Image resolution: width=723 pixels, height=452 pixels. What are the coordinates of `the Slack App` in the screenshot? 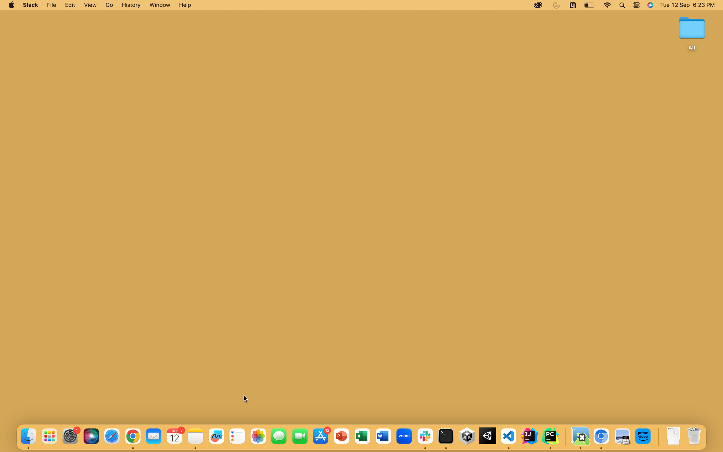 It's located at (30, 6).